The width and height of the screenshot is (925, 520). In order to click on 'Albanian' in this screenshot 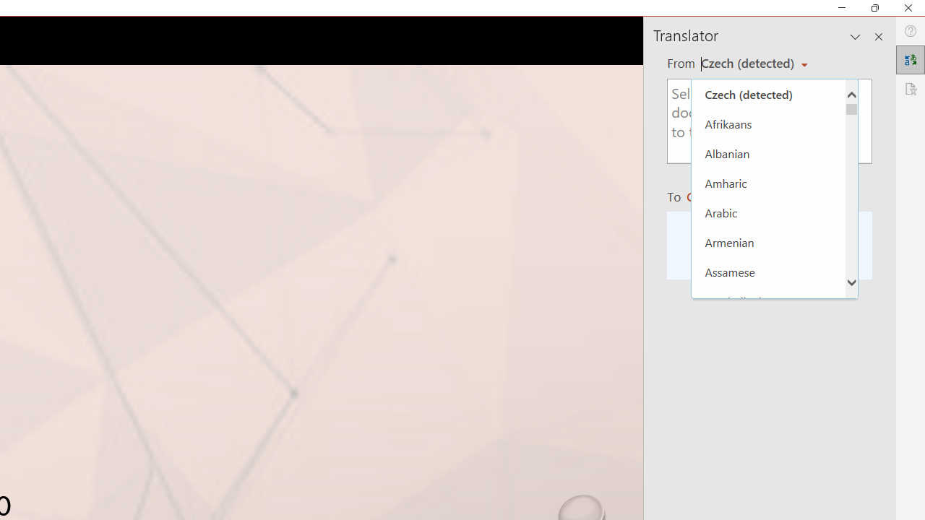, I will do `click(767, 153)`.